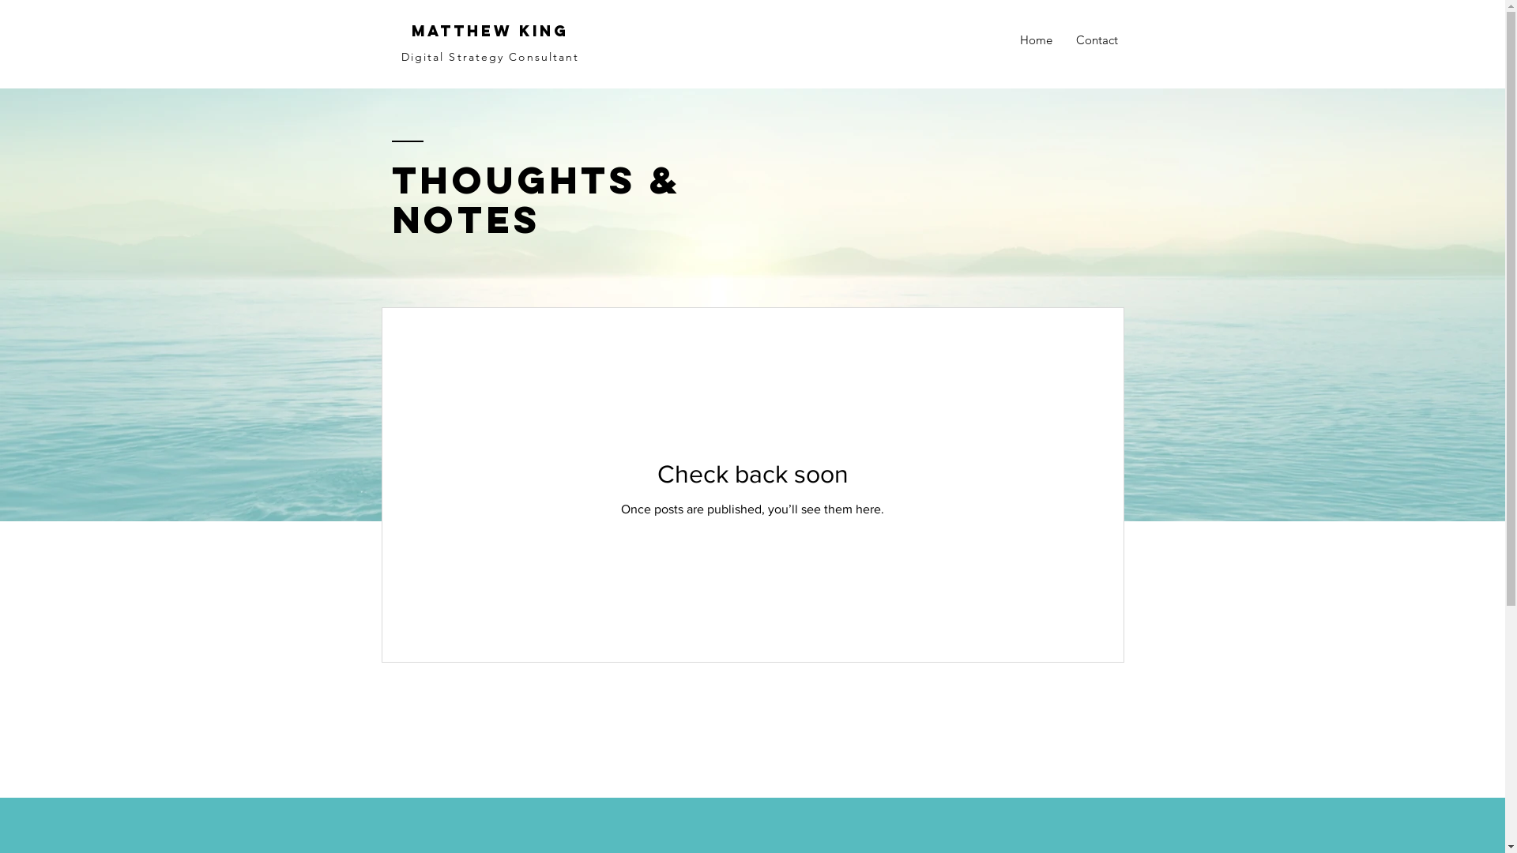 This screenshot has height=853, width=1517. Describe the element at coordinates (1036, 39) in the screenshot. I see `'Home'` at that location.